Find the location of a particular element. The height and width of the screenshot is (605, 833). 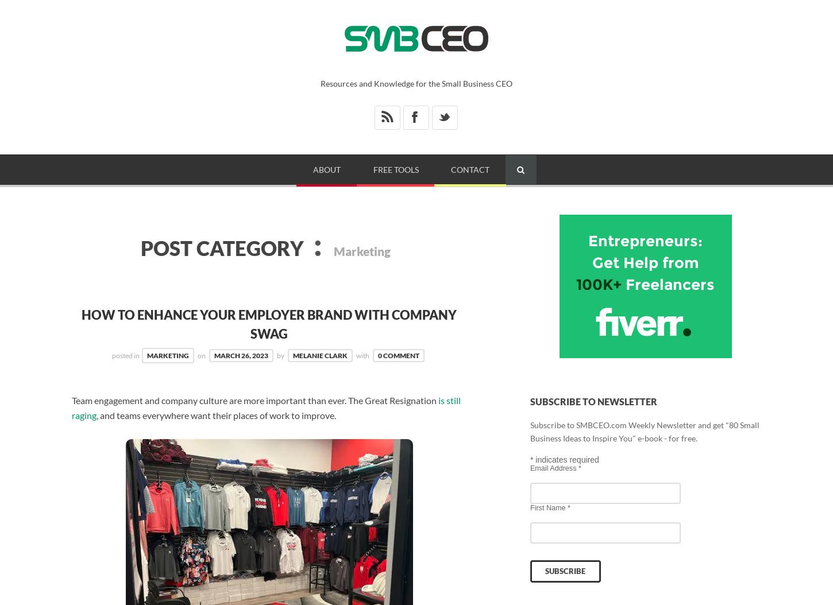

'X' is located at coordinates (407, 118).